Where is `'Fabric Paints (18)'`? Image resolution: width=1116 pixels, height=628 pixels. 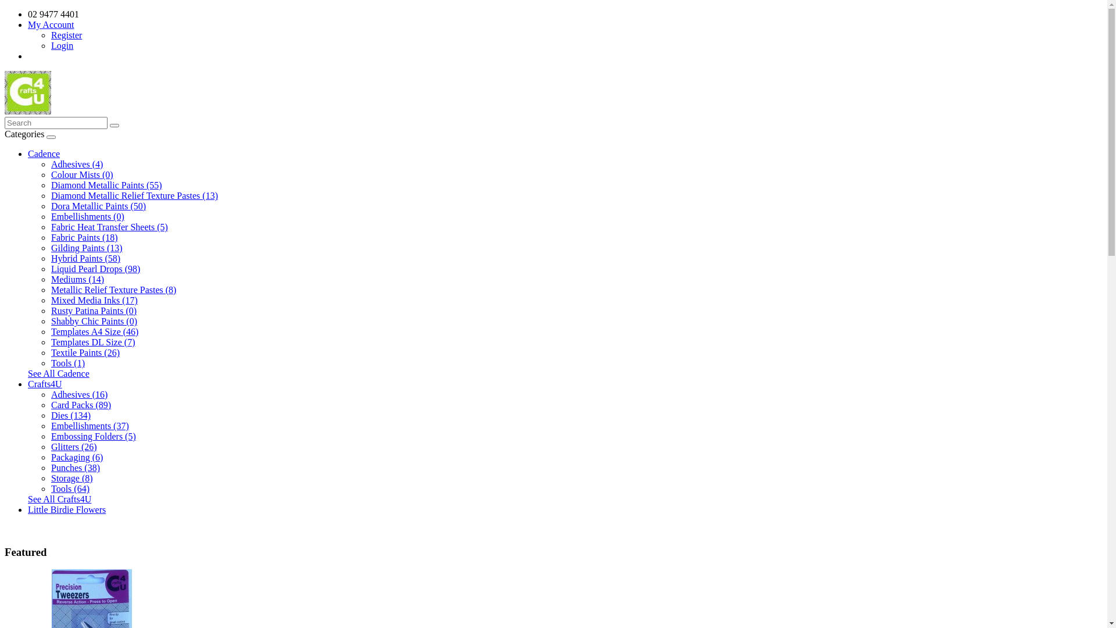 'Fabric Paints (18)' is located at coordinates (50, 237).